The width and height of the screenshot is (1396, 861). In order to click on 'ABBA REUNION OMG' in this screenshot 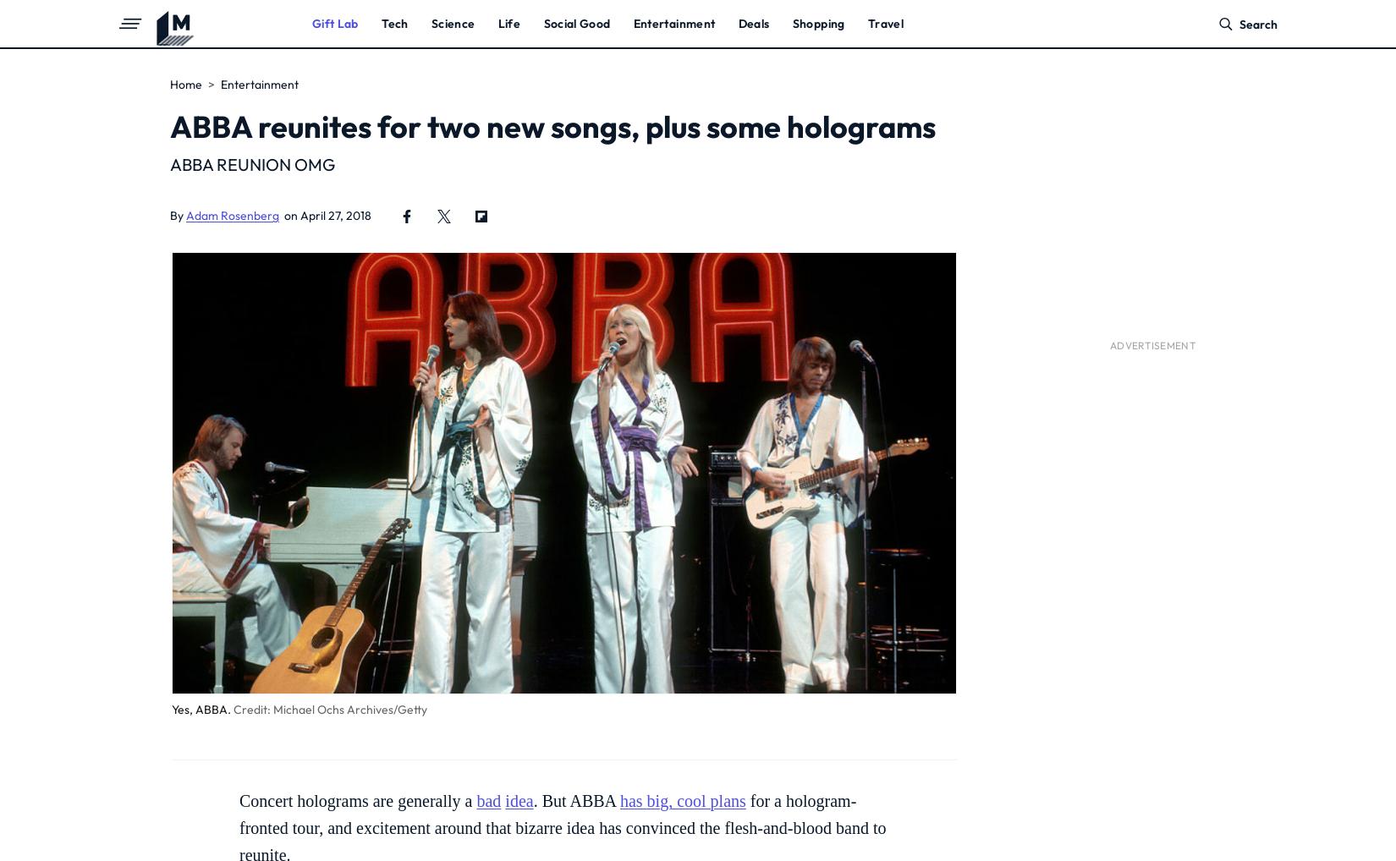, I will do `click(252, 164)`.